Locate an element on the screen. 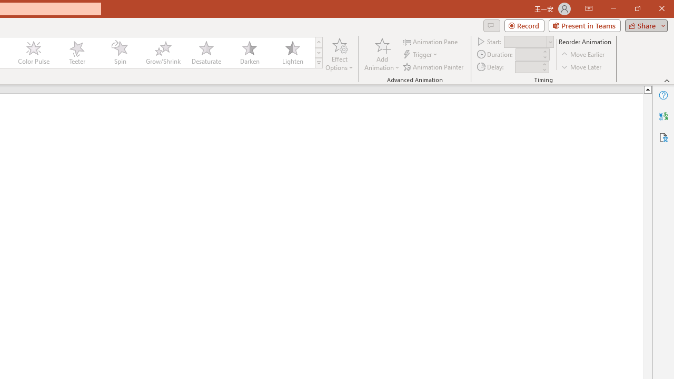  'Comments' is located at coordinates (491, 25).